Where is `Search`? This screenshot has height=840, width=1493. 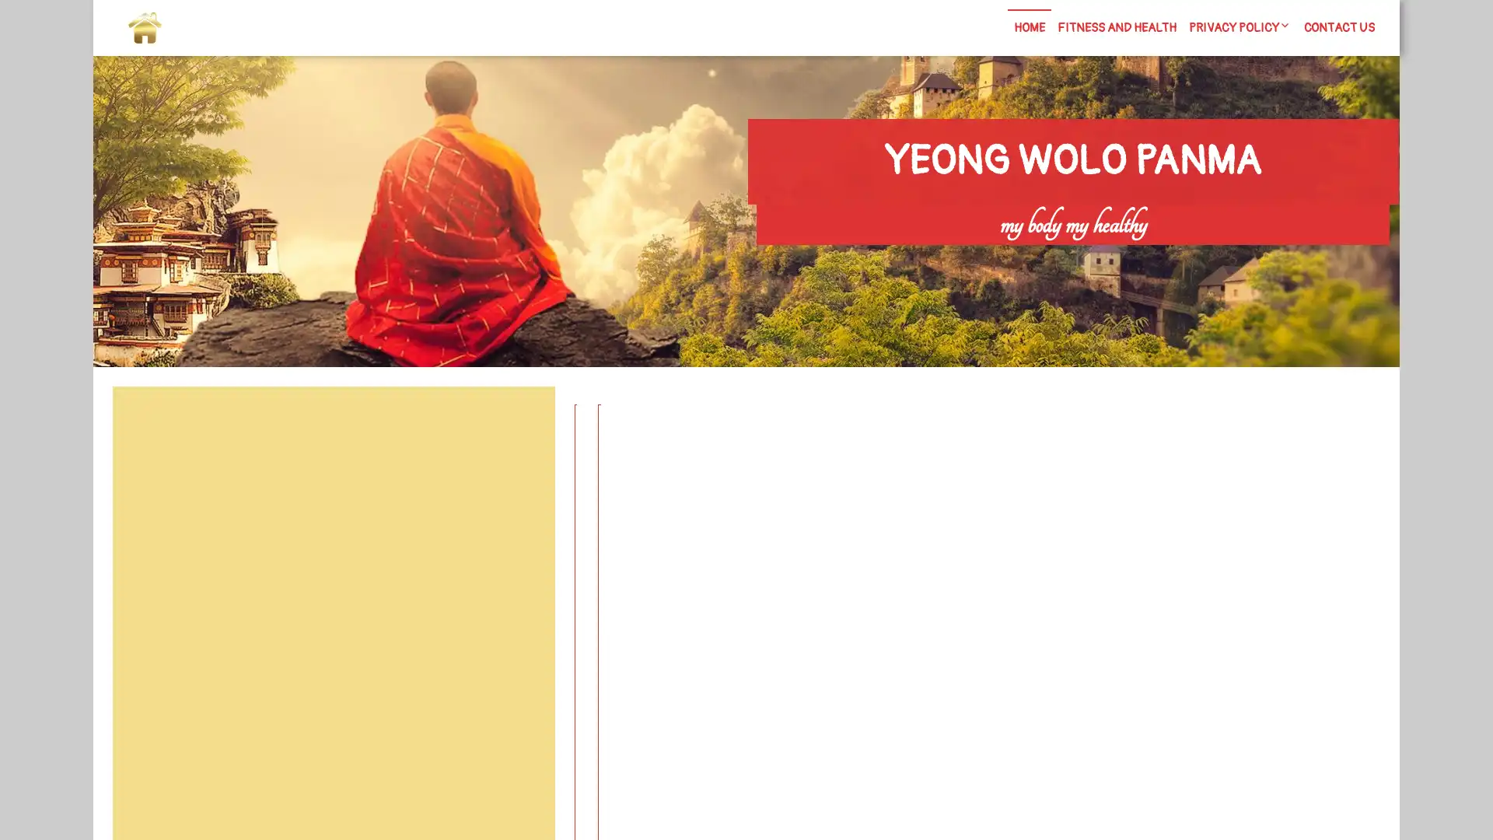
Search is located at coordinates (1211, 254).